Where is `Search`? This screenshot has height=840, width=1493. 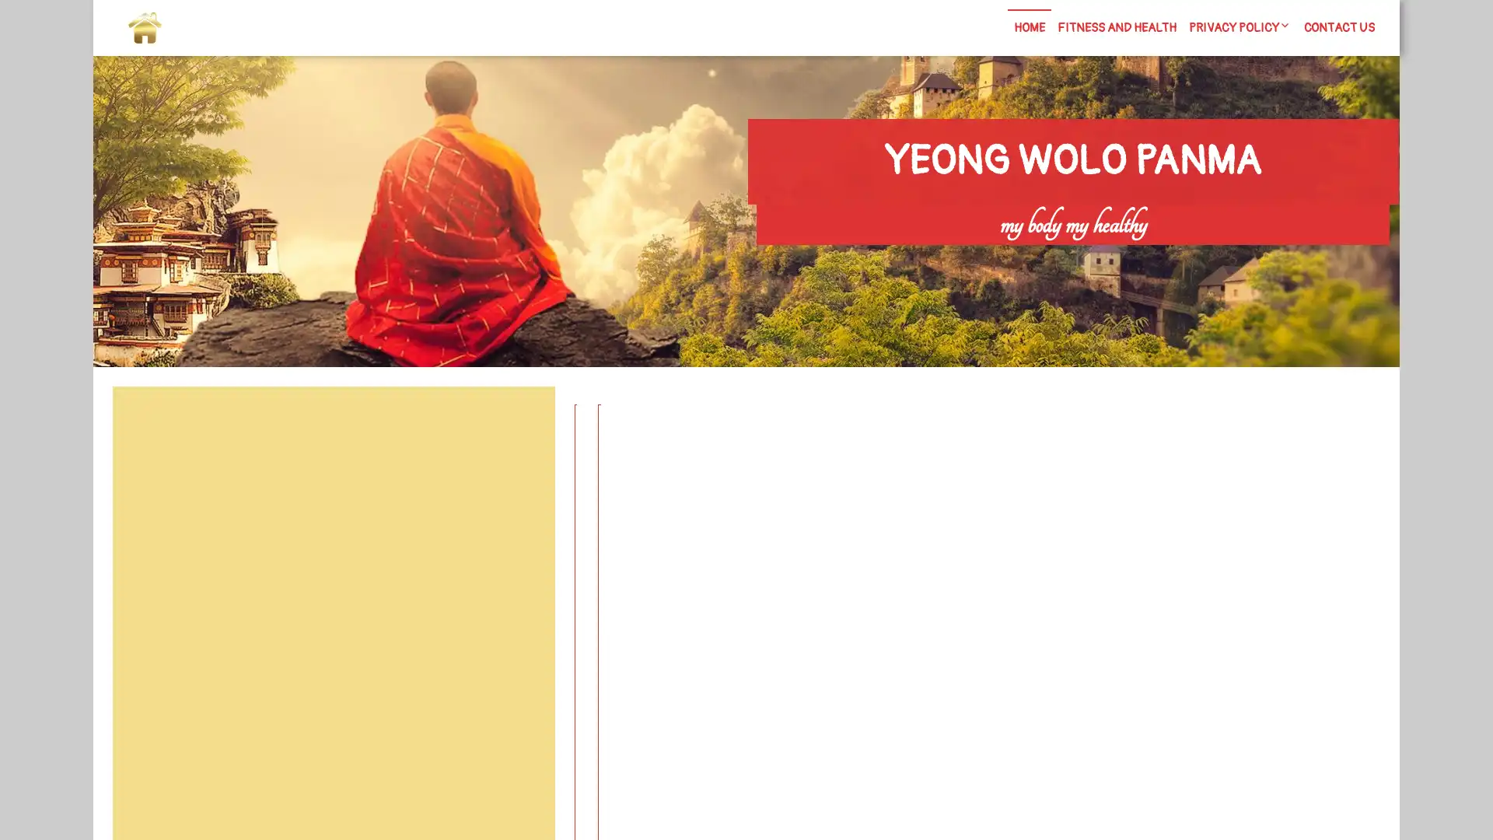
Search is located at coordinates (1211, 254).